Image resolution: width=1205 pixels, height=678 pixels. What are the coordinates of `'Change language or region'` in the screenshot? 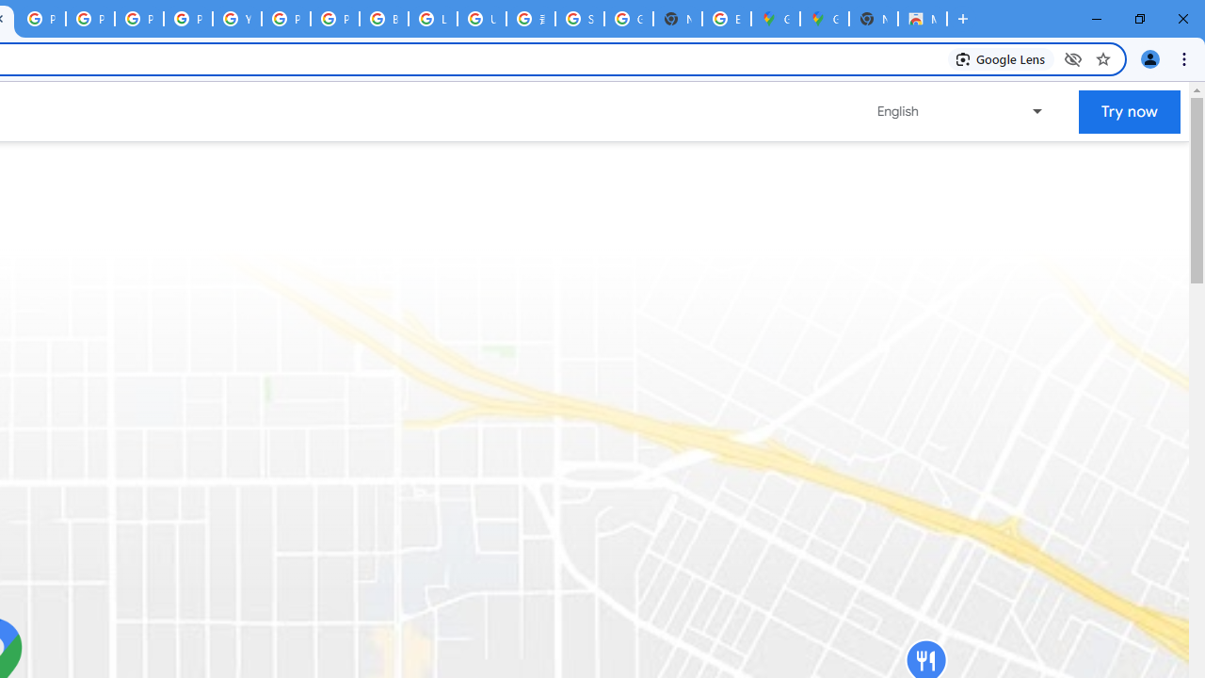 It's located at (961, 111).